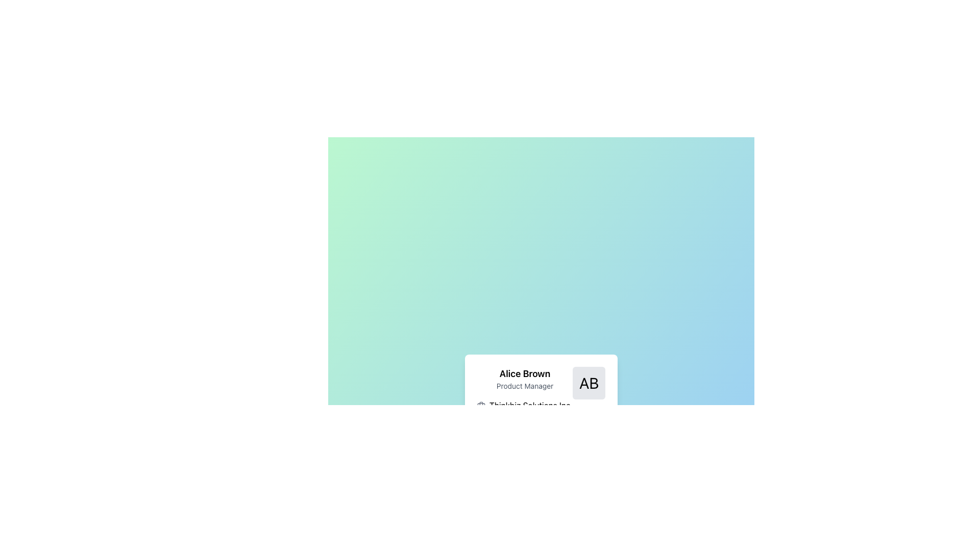 The width and height of the screenshot is (980, 551). What do you see at coordinates (589, 383) in the screenshot?
I see `the user avatar represented by the initials 'AB' located in the top-right corner of the user profile box` at bounding box center [589, 383].